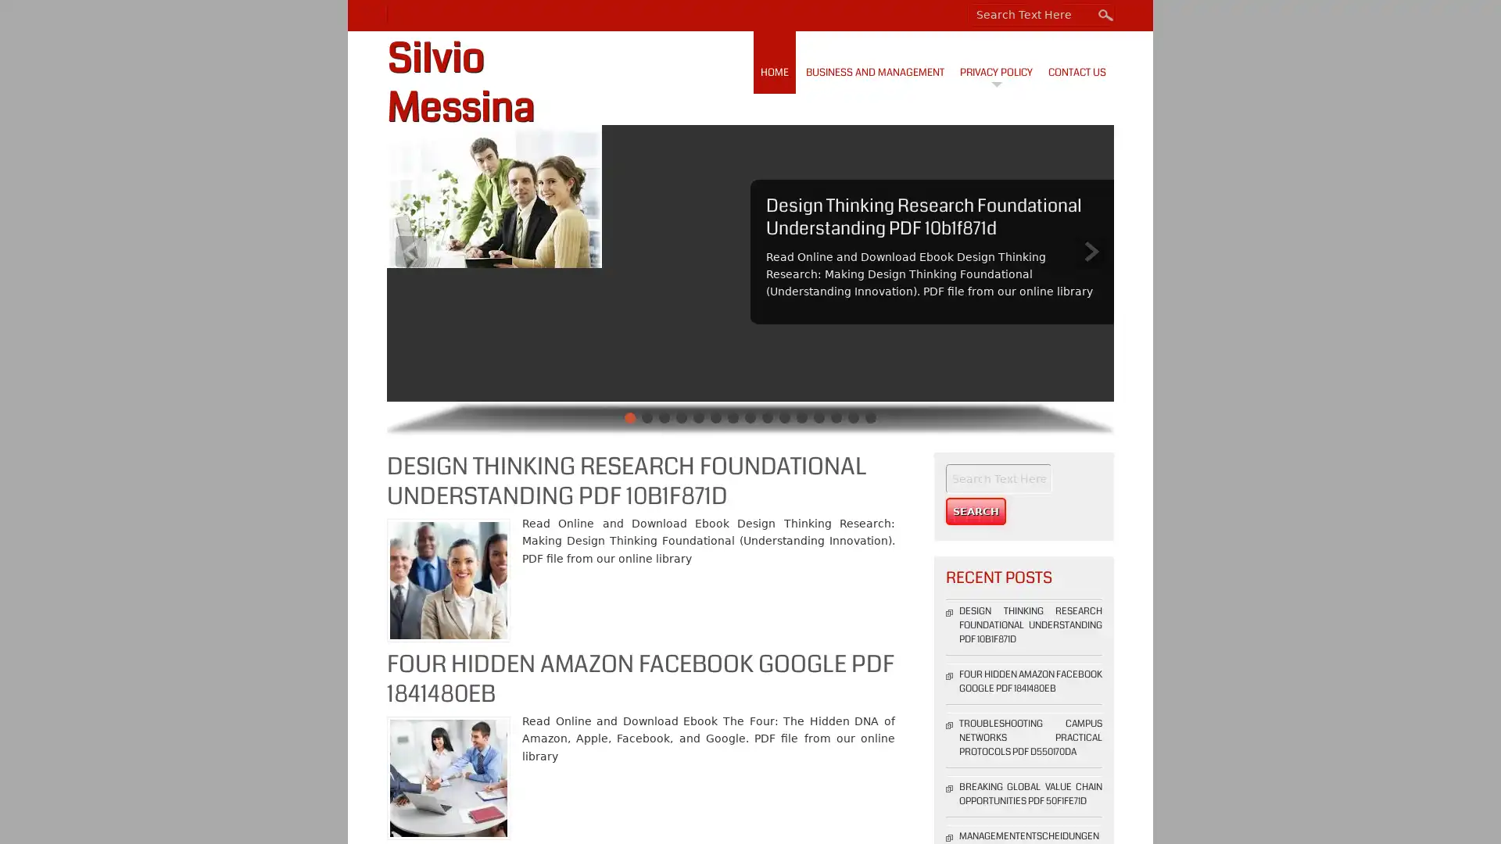 The width and height of the screenshot is (1501, 844). I want to click on Search, so click(975, 511).